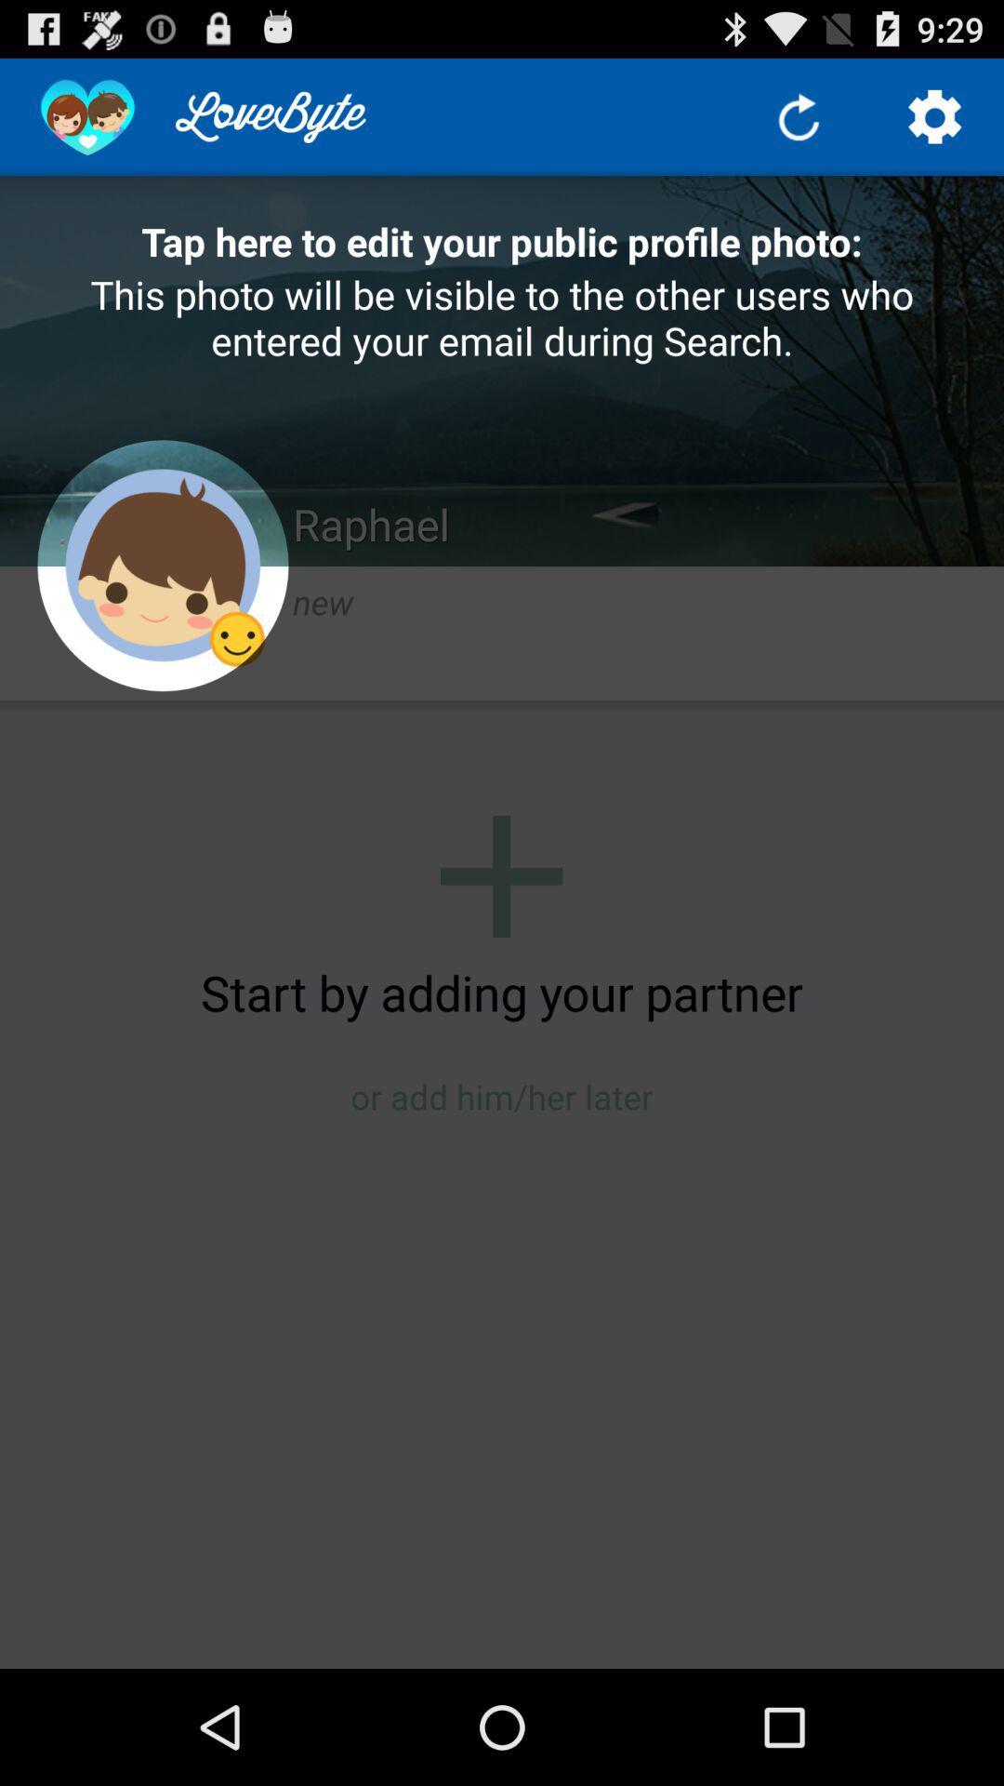  Describe the element at coordinates (500, 875) in the screenshot. I see `partner` at that location.